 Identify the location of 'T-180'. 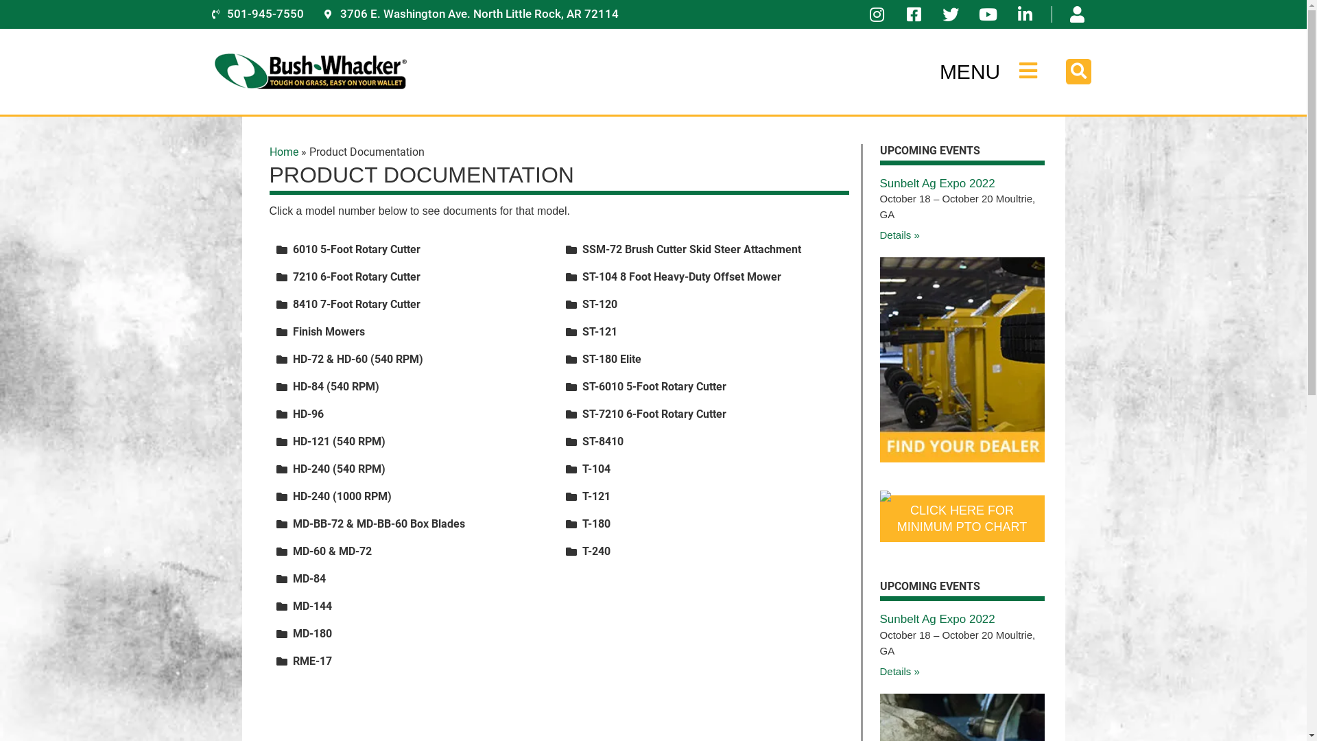
(596, 524).